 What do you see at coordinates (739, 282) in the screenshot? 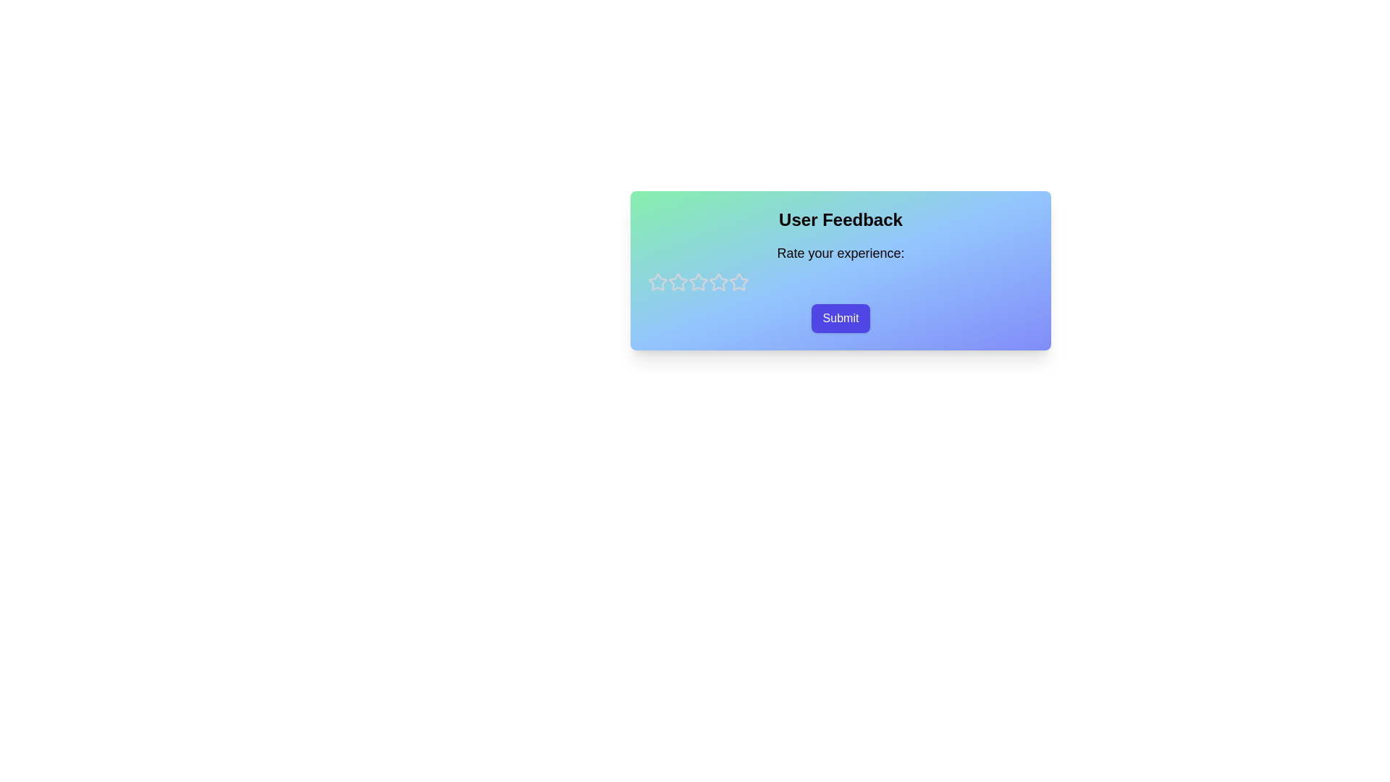
I see `the fourth rating star icon in the User Feedback section` at bounding box center [739, 282].